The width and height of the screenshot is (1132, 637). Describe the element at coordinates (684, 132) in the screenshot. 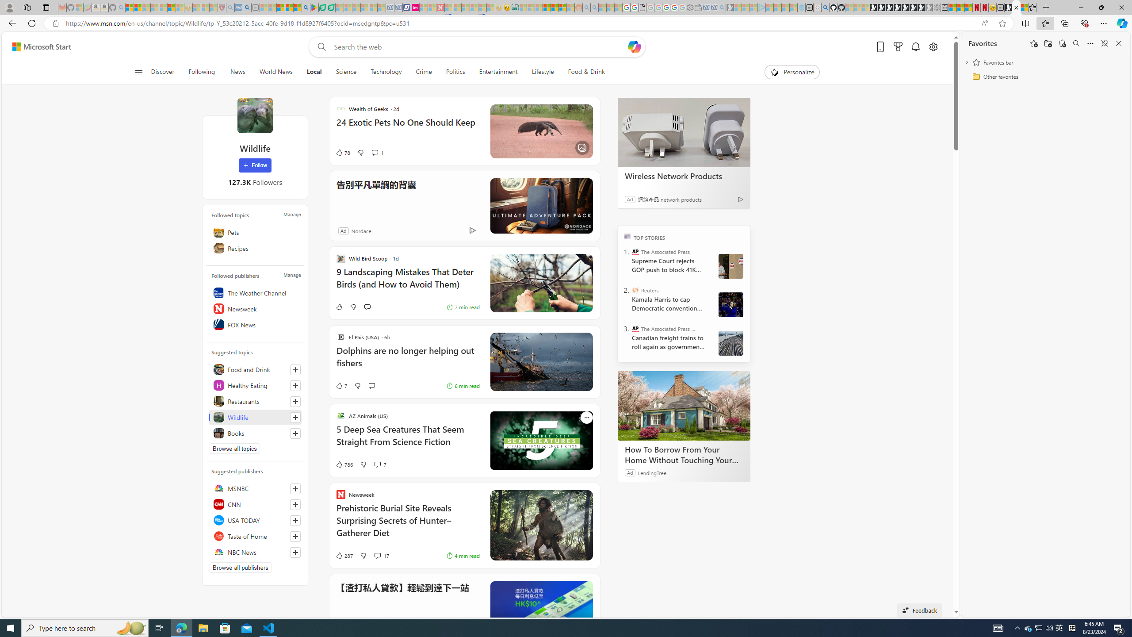

I see `'Wireless Network Products'` at that location.